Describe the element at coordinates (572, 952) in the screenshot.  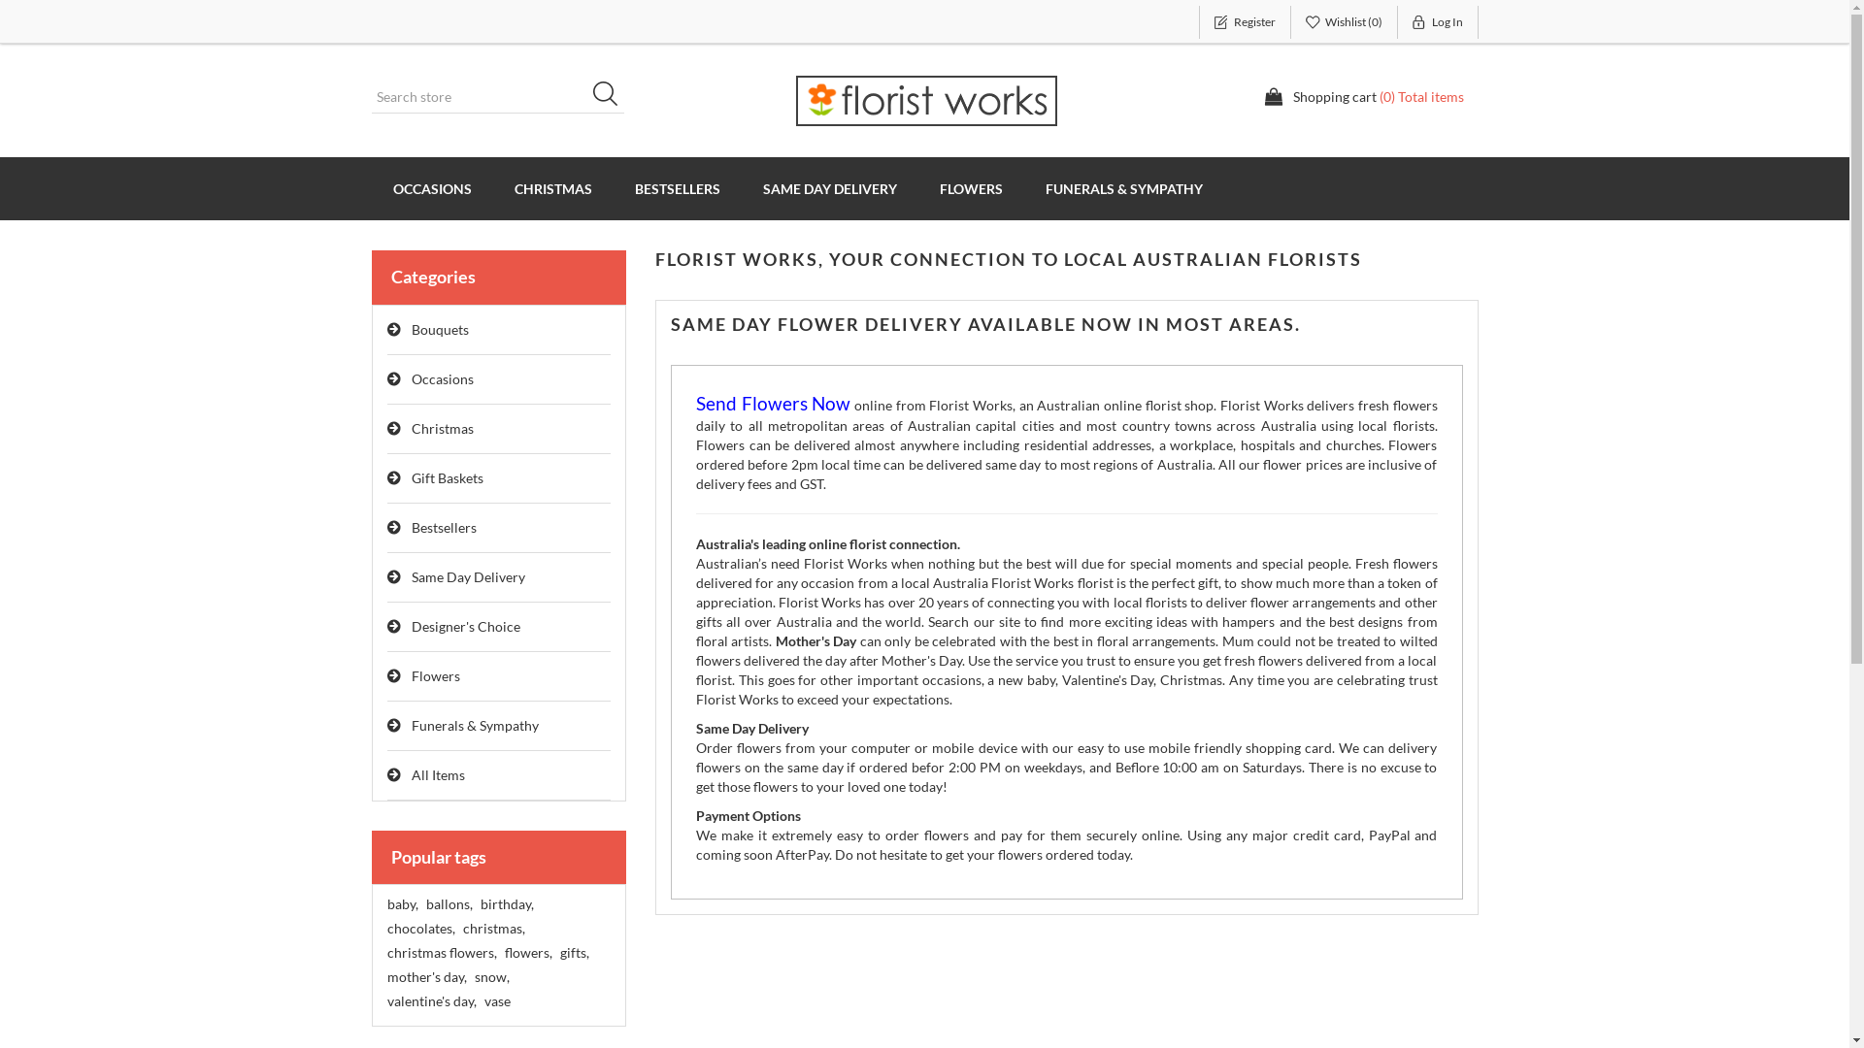
I see `'gifts,'` at that location.